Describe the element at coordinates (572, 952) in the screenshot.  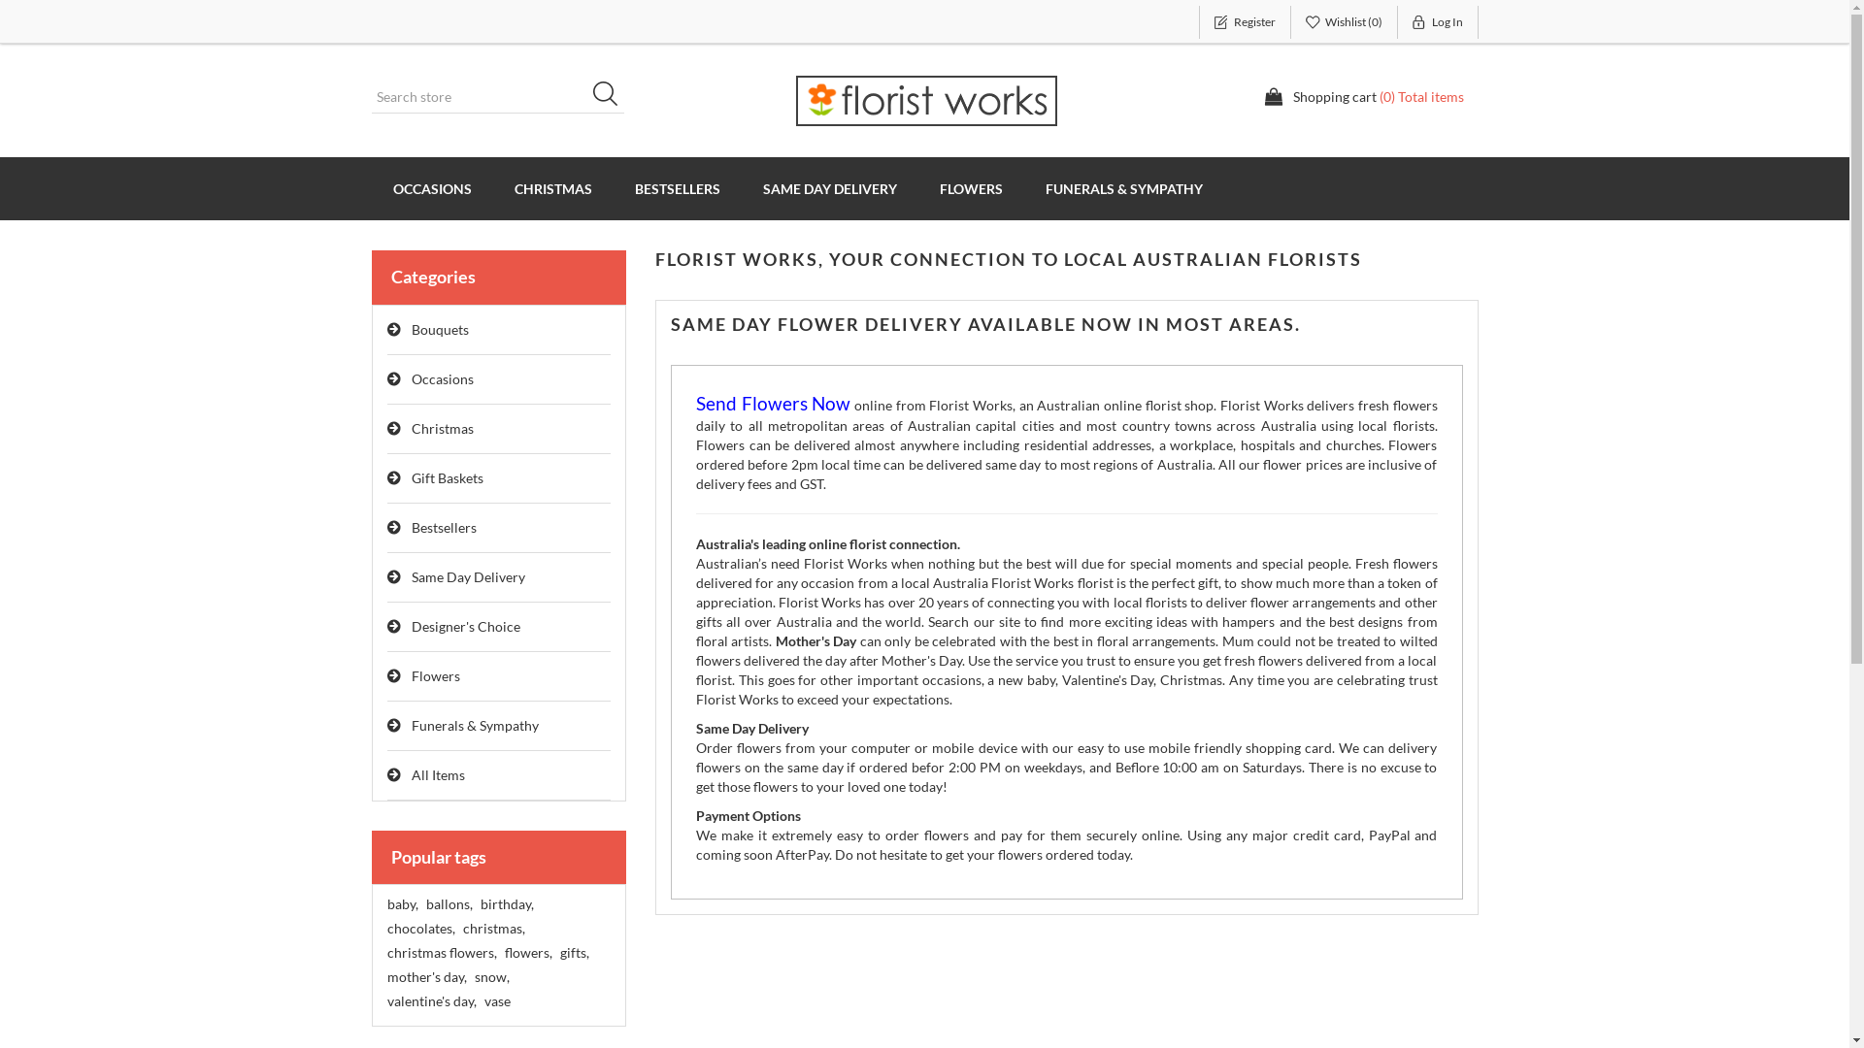
I see `'gifts,'` at that location.